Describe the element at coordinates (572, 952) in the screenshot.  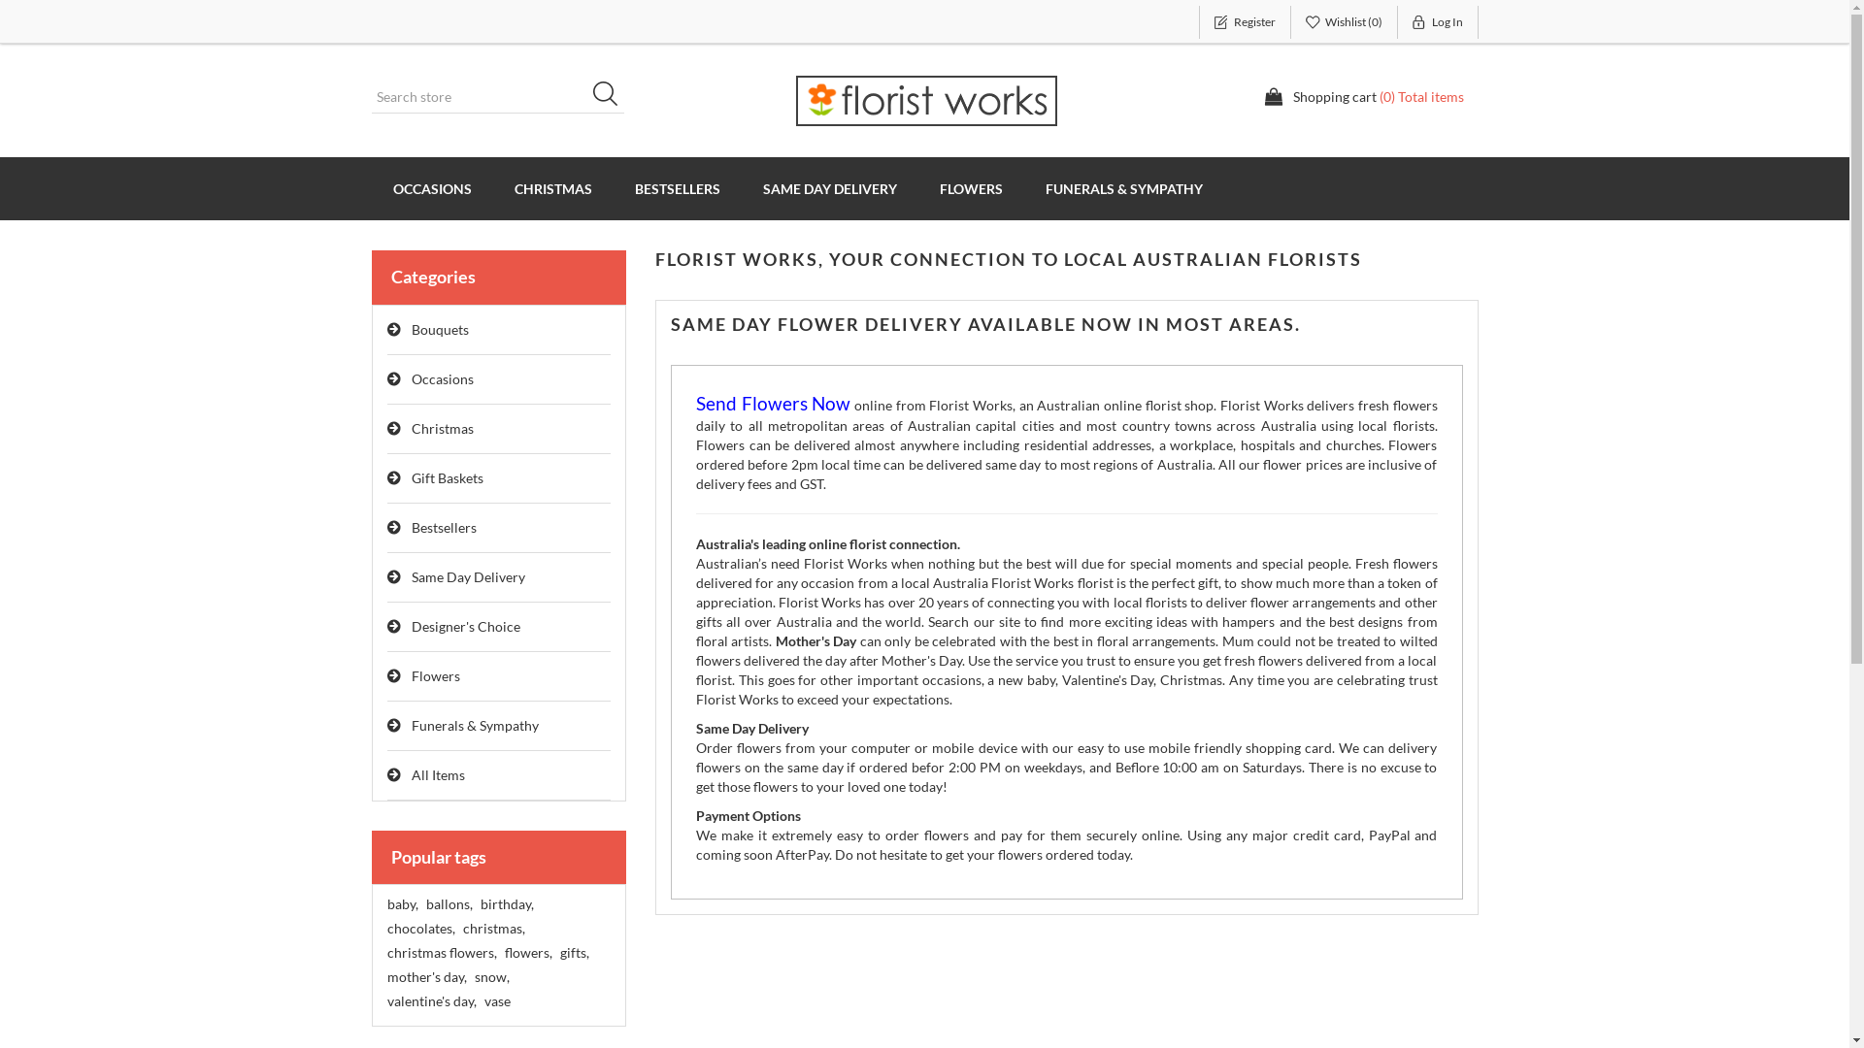
I see `'gifts,'` at that location.